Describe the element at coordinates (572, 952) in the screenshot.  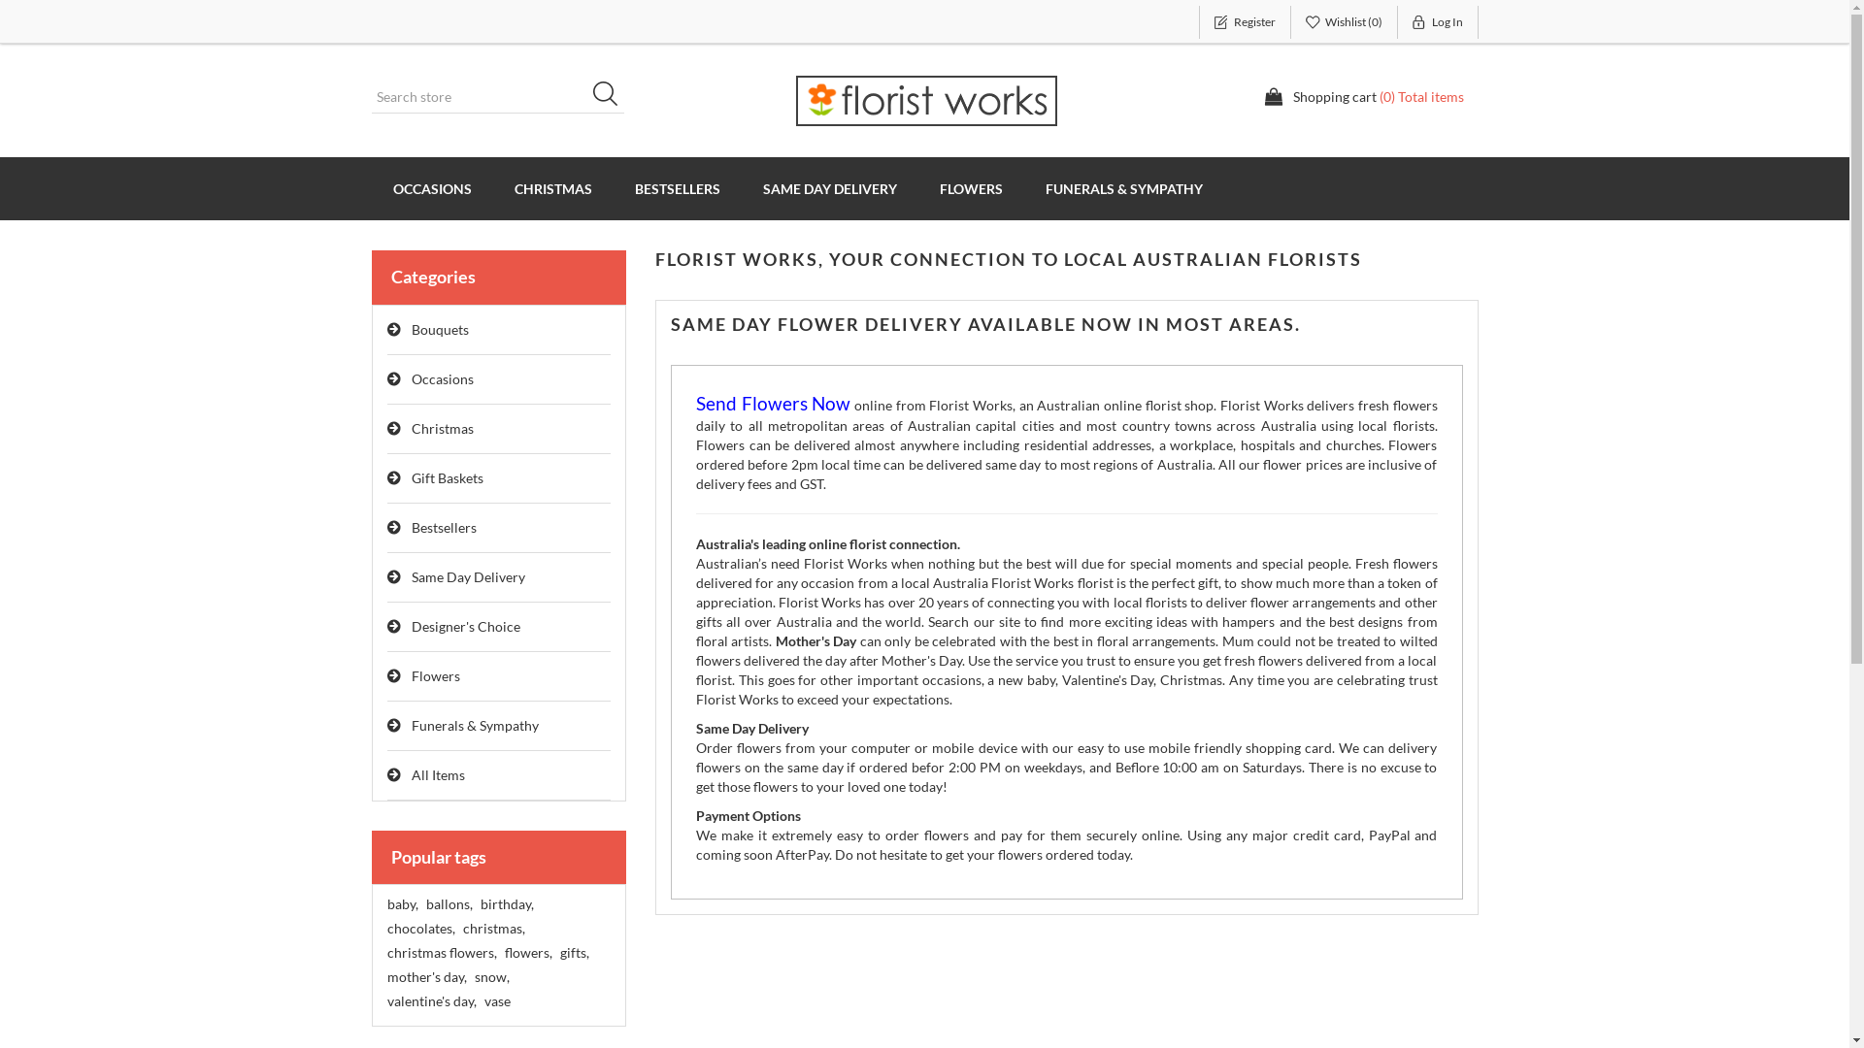
I see `'gifts,'` at that location.